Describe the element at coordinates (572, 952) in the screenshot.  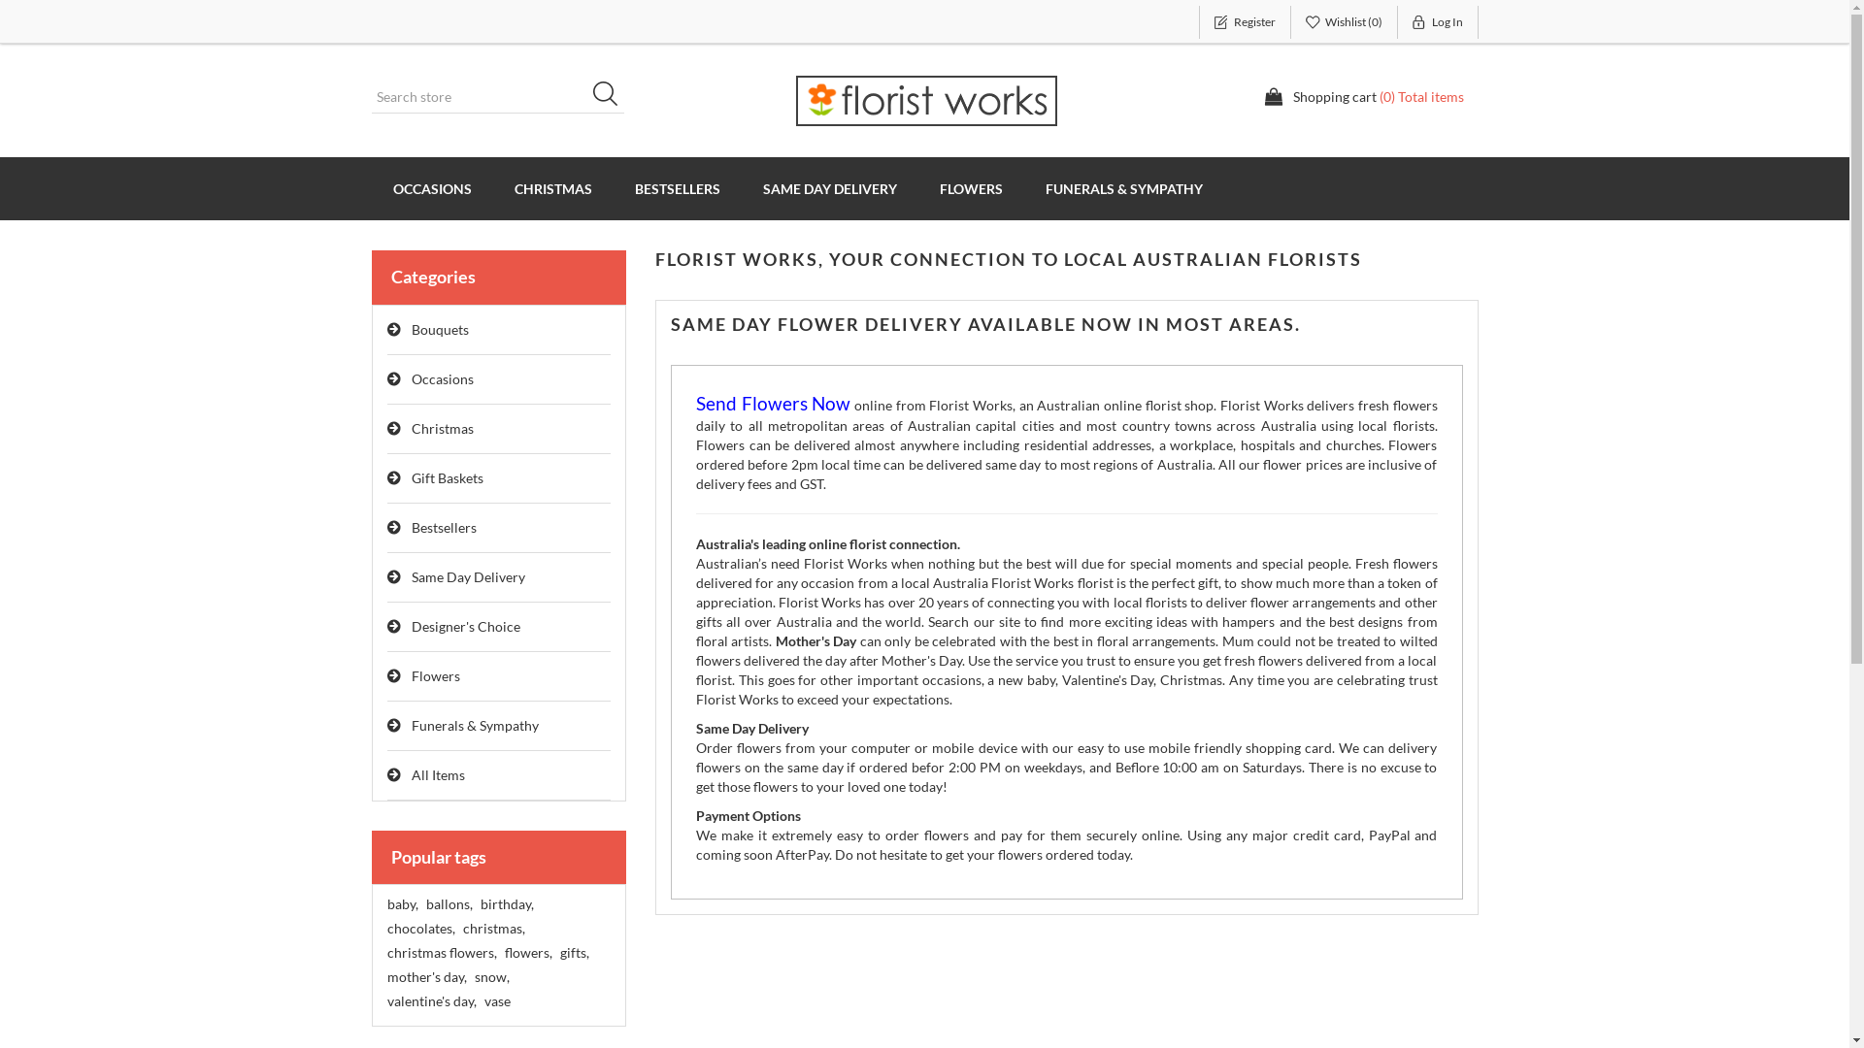
I see `'gifts,'` at that location.